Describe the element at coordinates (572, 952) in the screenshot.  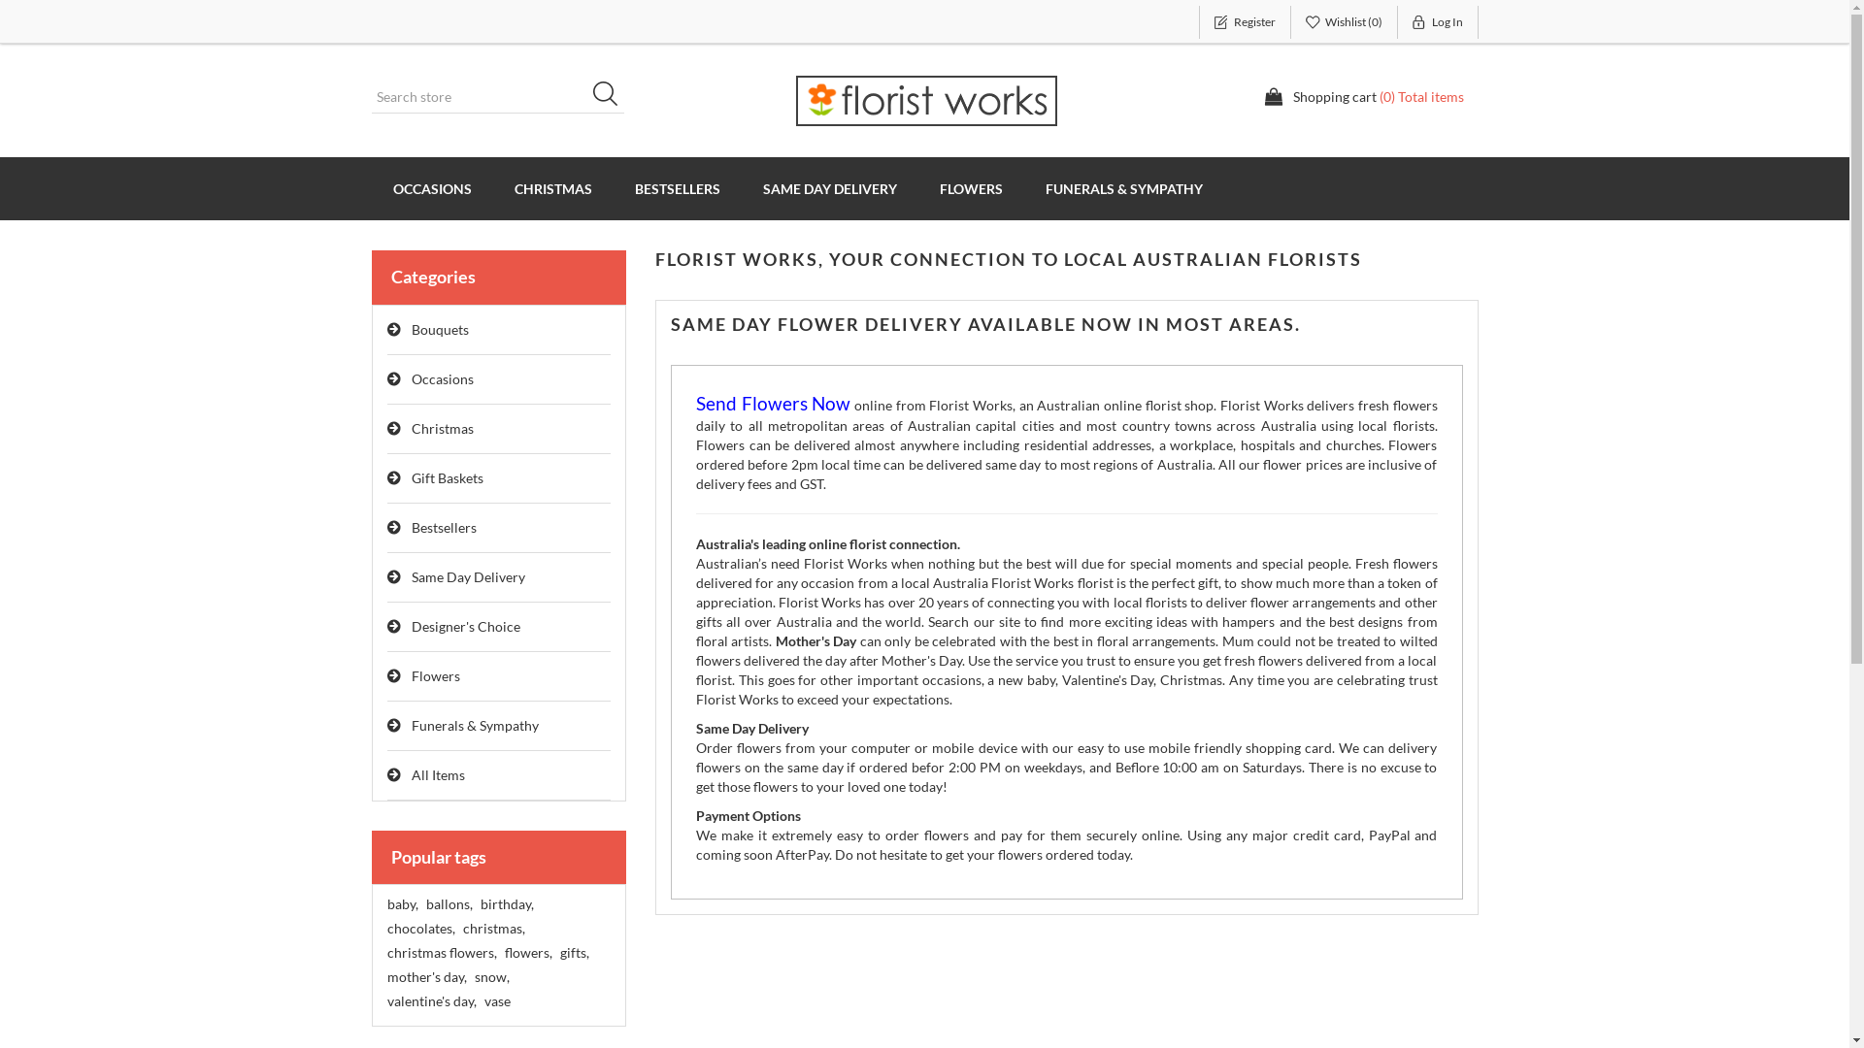
I see `'gifts,'` at that location.